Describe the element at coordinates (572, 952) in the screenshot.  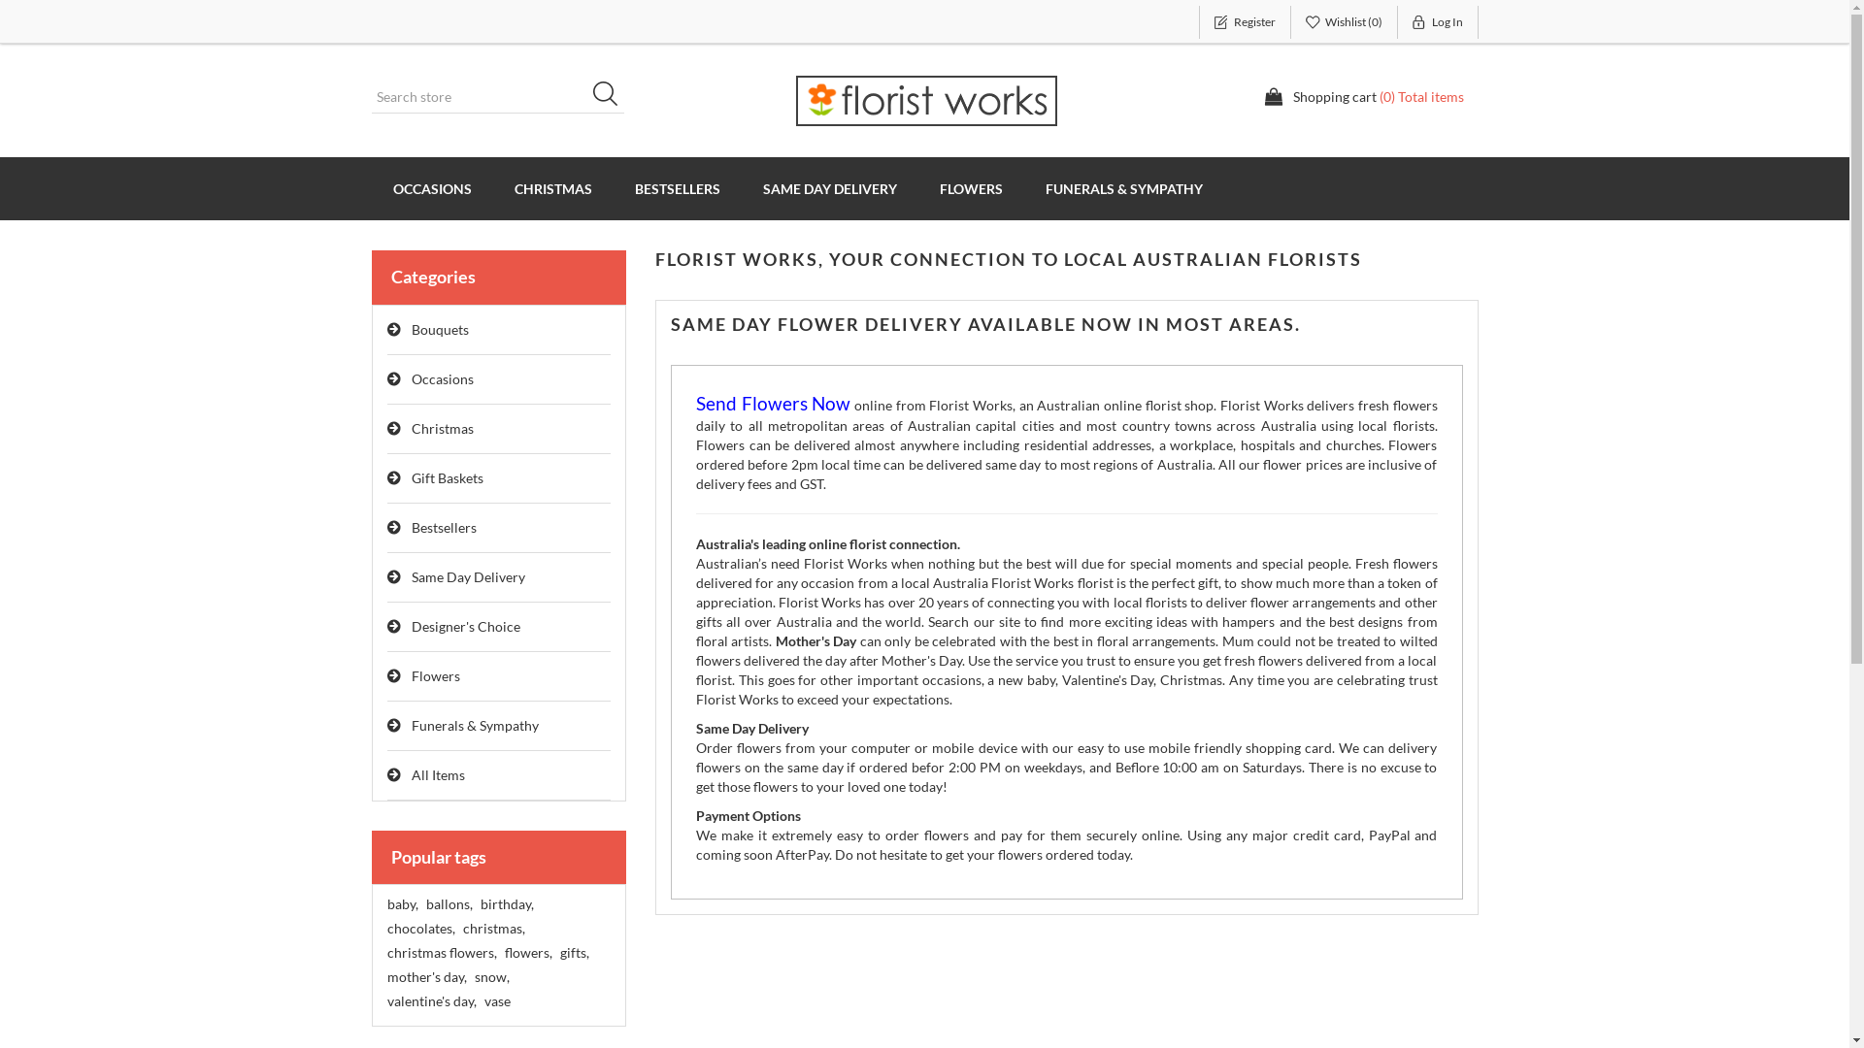
I see `'gifts,'` at that location.